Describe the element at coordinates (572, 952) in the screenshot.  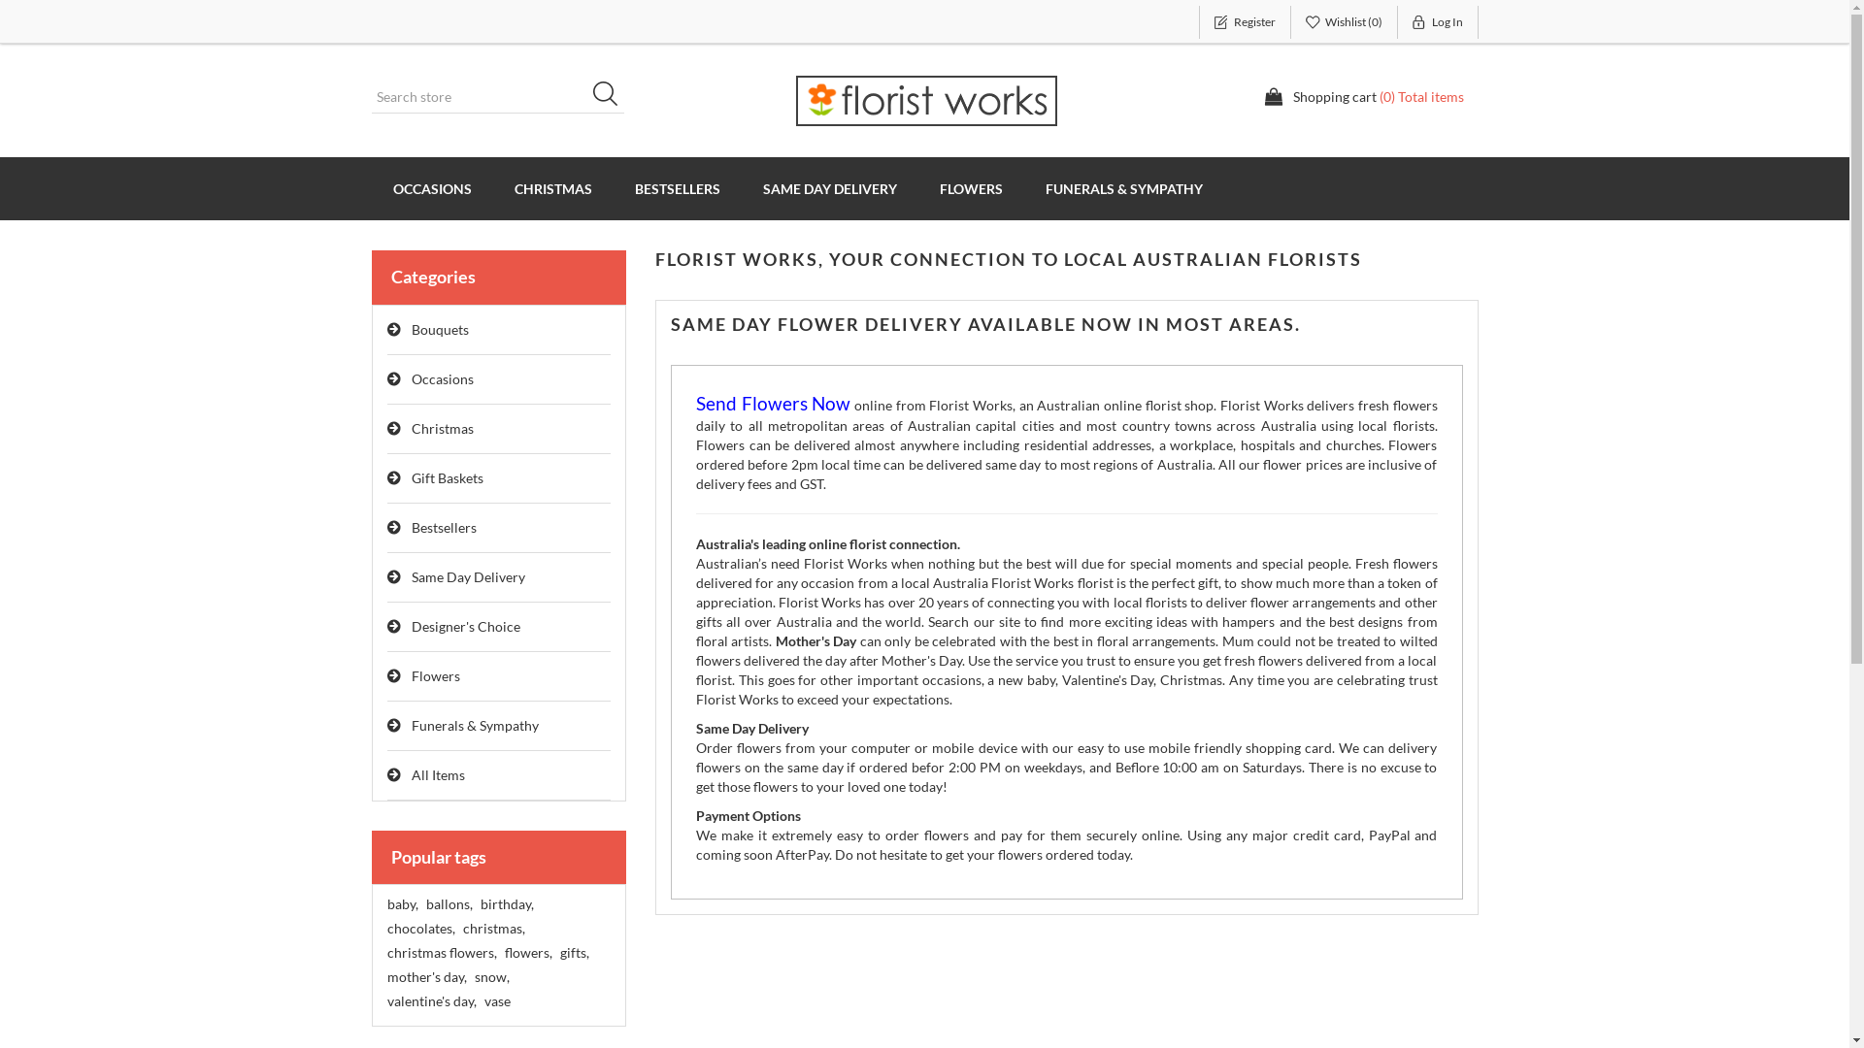
I see `'gifts,'` at that location.